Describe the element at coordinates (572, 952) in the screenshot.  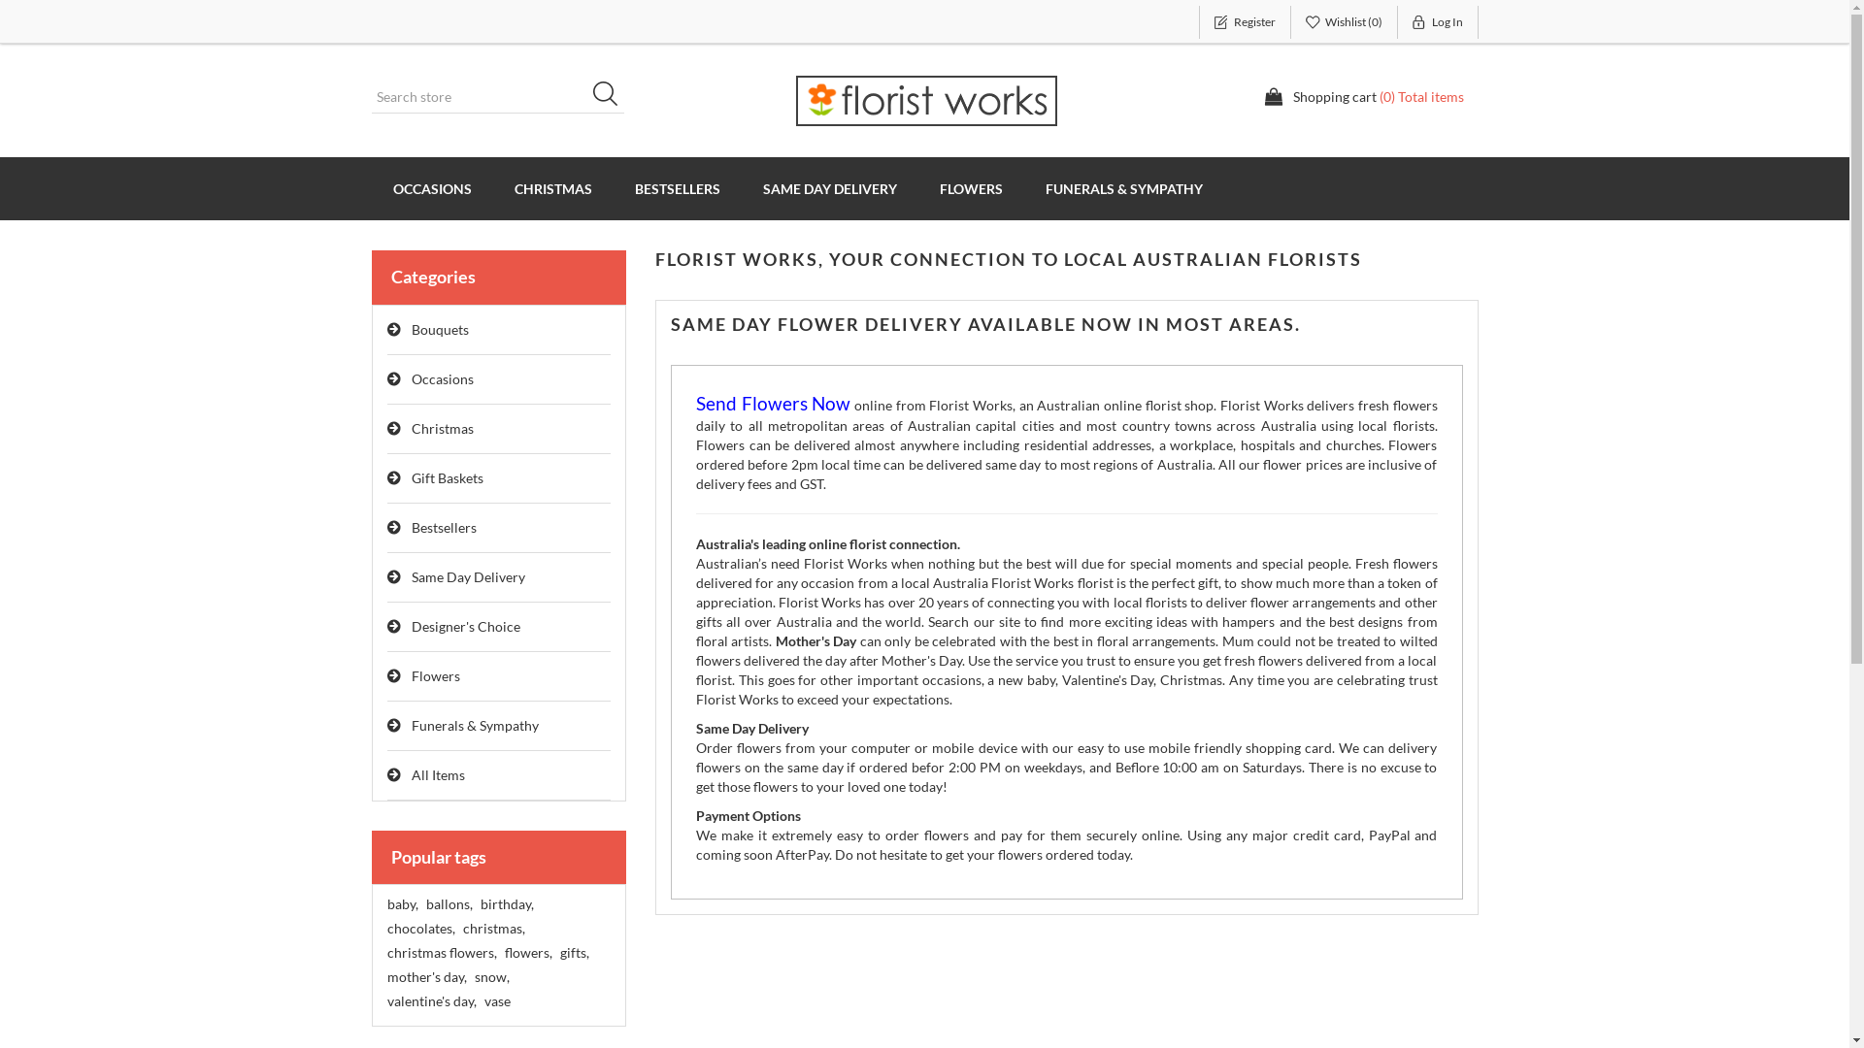
I see `'gifts,'` at that location.